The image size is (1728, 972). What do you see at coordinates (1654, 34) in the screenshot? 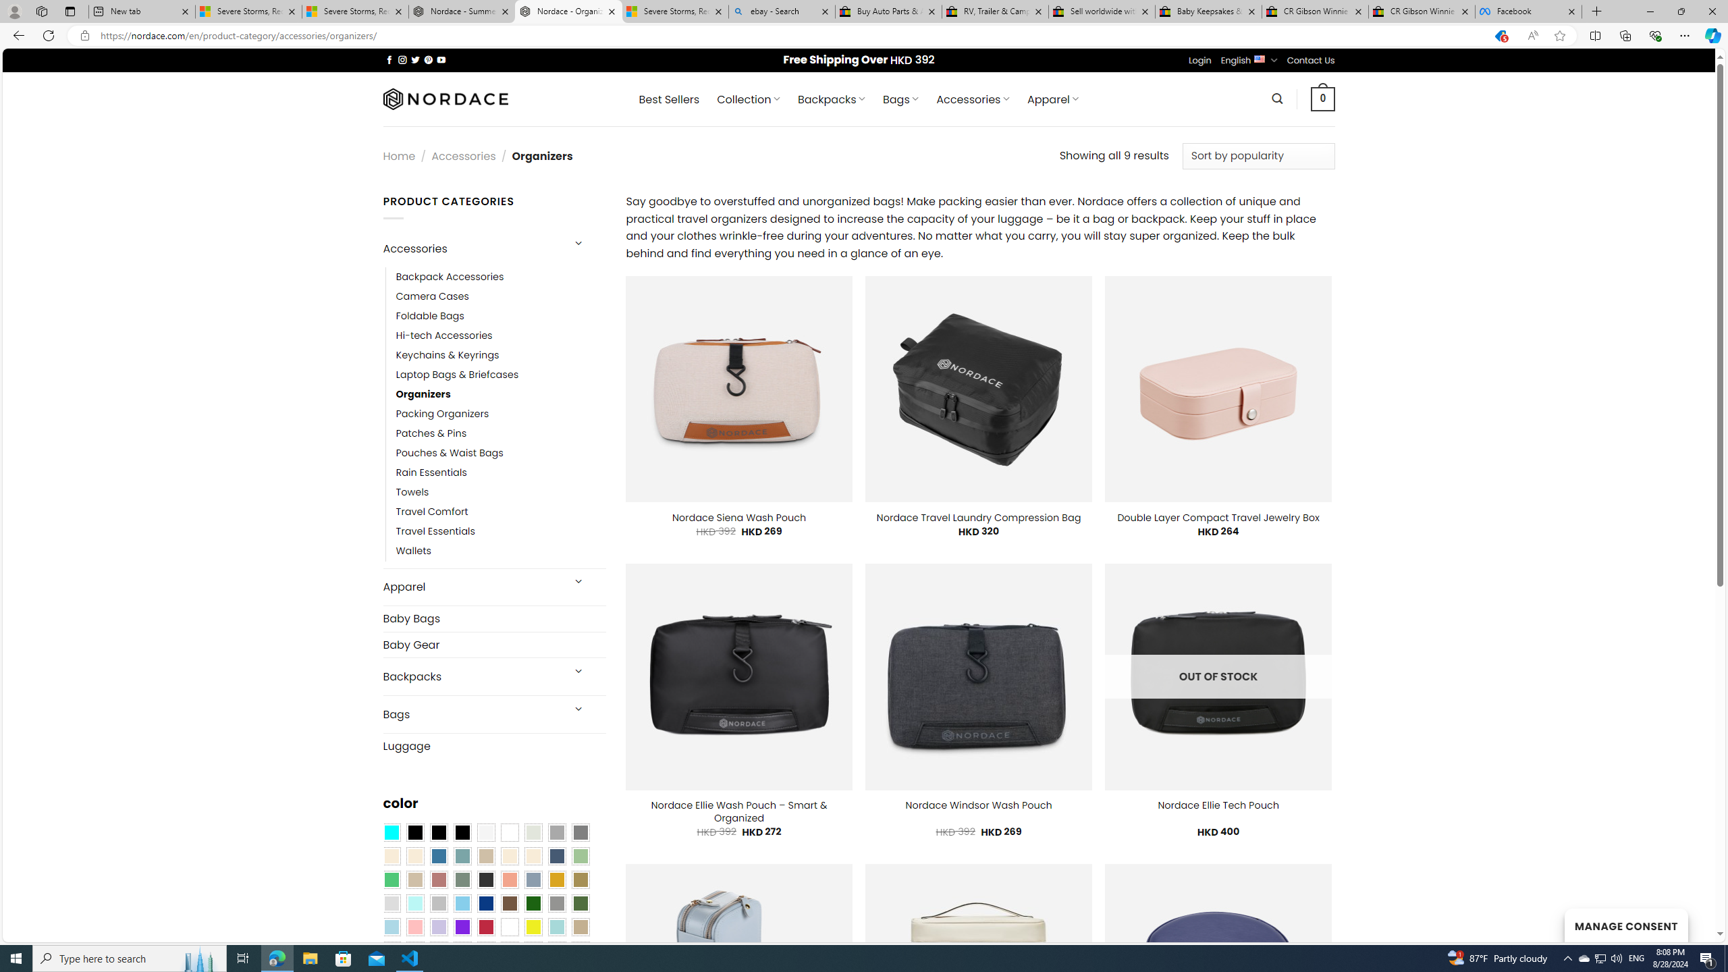
I see `'Browser essentials'` at bounding box center [1654, 34].